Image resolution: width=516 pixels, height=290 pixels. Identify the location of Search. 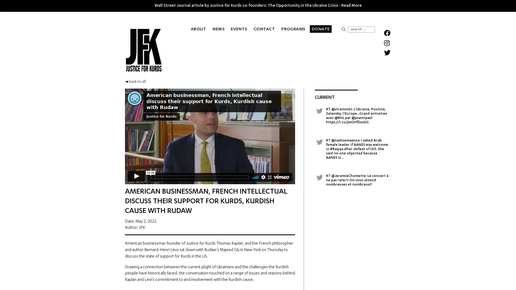
(343, 29).